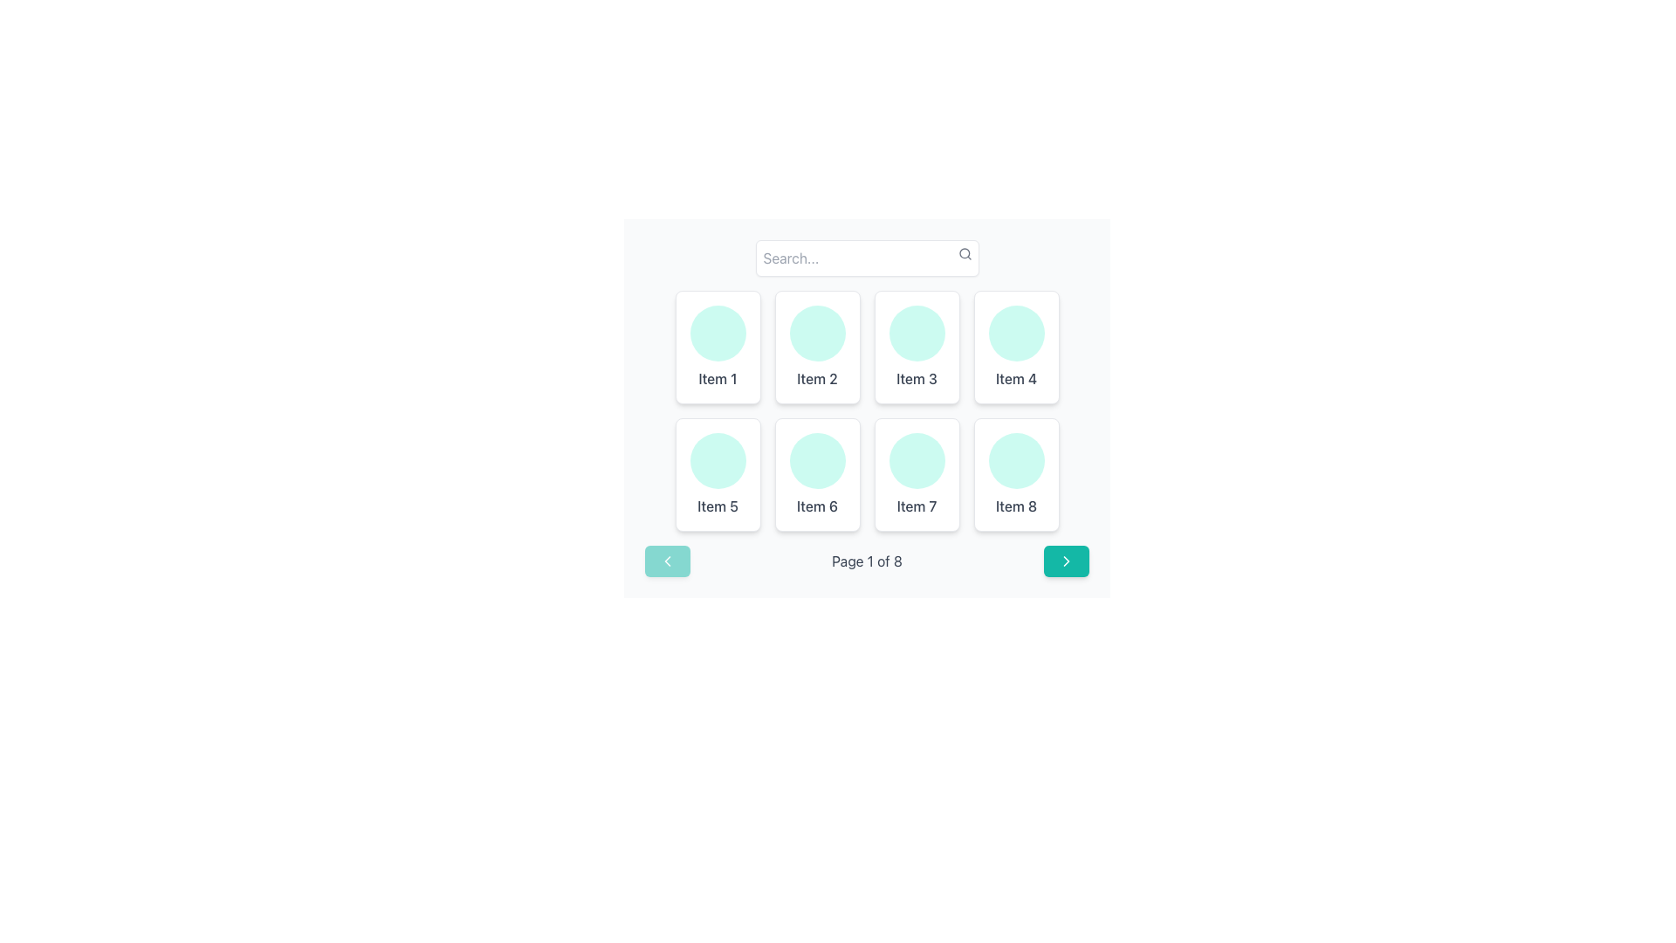 This screenshot has height=943, width=1676. Describe the element at coordinates (718, 378) in the screenshot. I see `the text label 'Item 1' located at the bottom of the top-left card in the grid layout` at that location.